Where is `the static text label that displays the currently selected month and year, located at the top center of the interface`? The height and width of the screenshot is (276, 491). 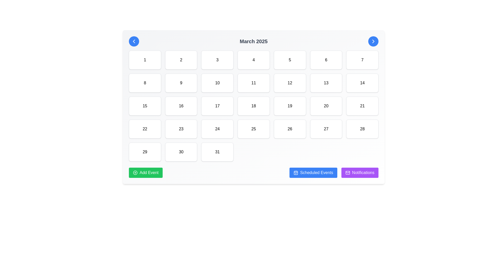
the static text label that displays the currently selected month and year, located at the top center of the interface is located at coordinates (254, 41).